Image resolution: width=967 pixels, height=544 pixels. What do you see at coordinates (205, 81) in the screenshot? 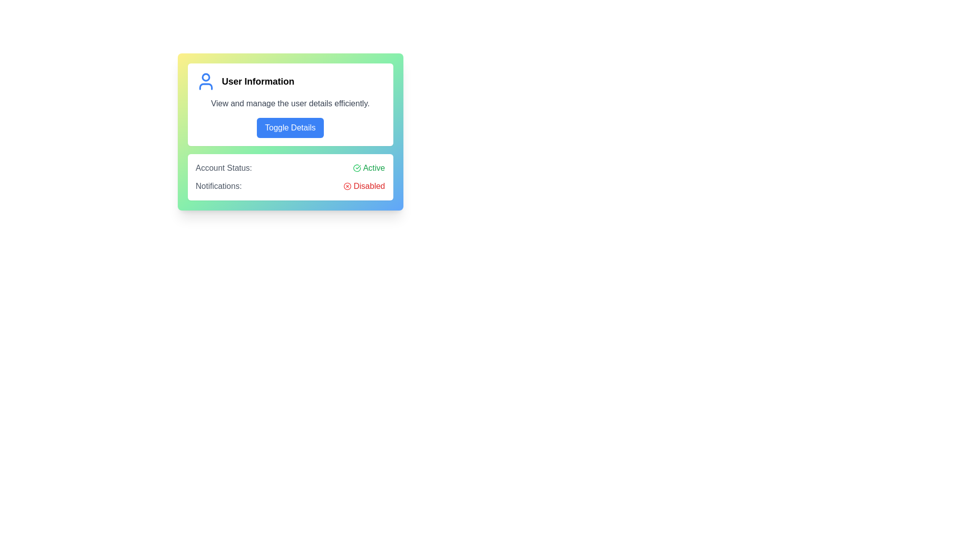
I see `the user profile icon, which is a vibrant blue icon representation of a user, located immediately to the left of the 'User Information' label` at bounding box center [205, 81].